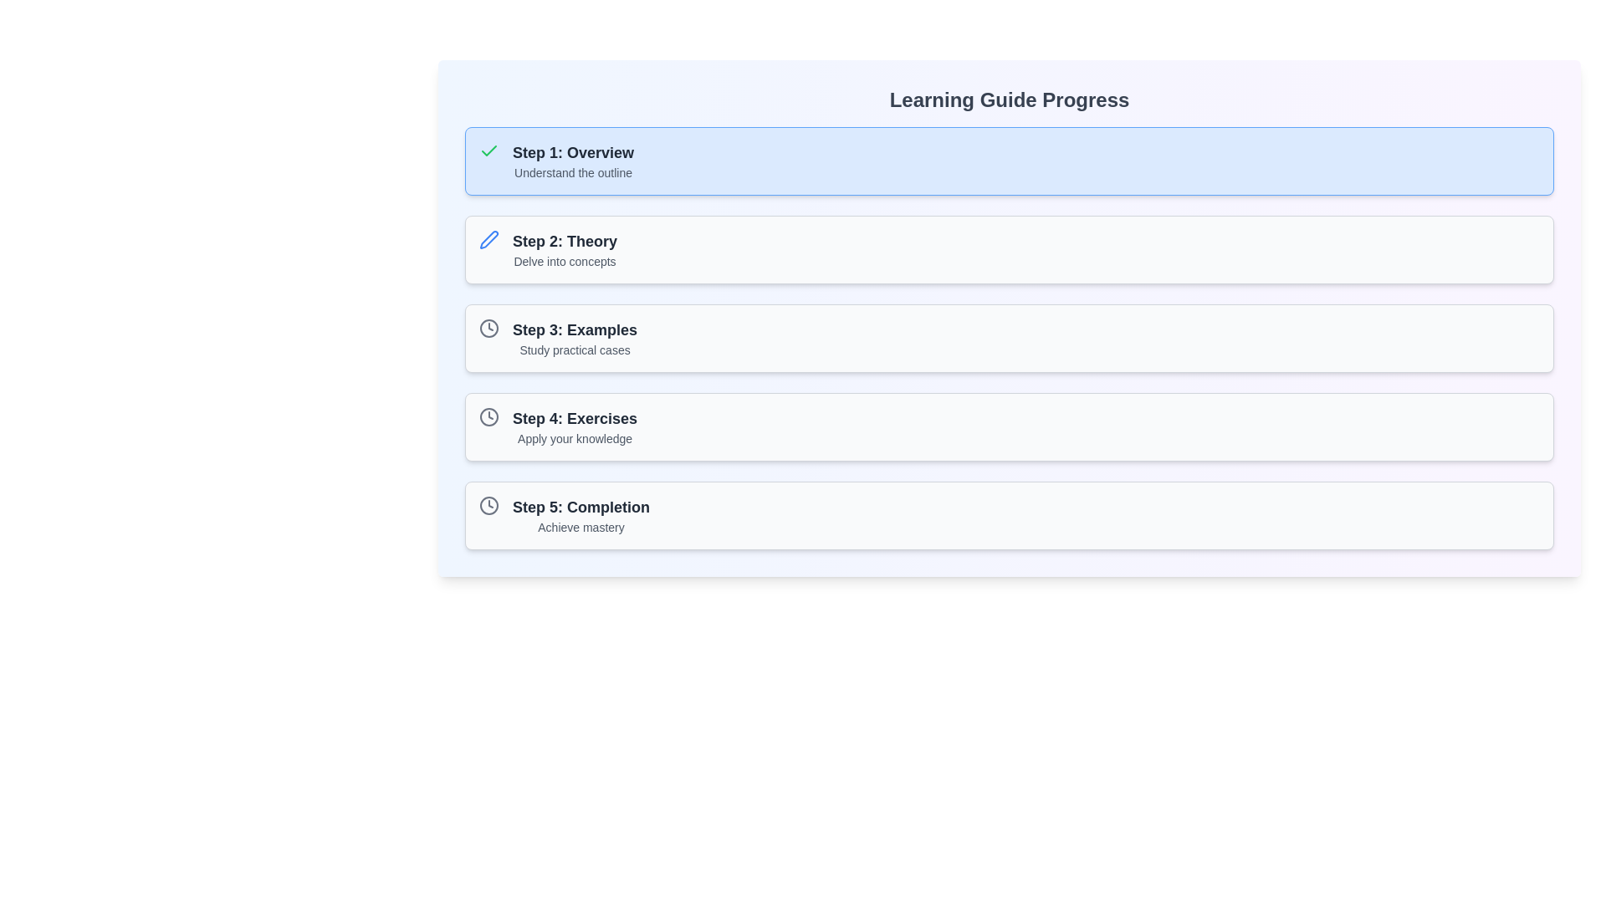  Describe the element at coordinates (581, 506) in the screenshot. I see `the static text label 'Step 5: Completion', which is styled in bold and larger font, serving as the primary header for the fifth item in a sequential guide layout` at that location.